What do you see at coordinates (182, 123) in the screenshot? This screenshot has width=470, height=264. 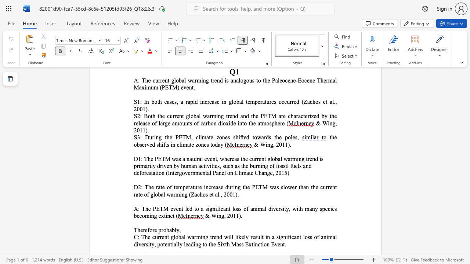 I see `the subset text "unts" within the text "large amounts"` at bounding box center [182, 123].